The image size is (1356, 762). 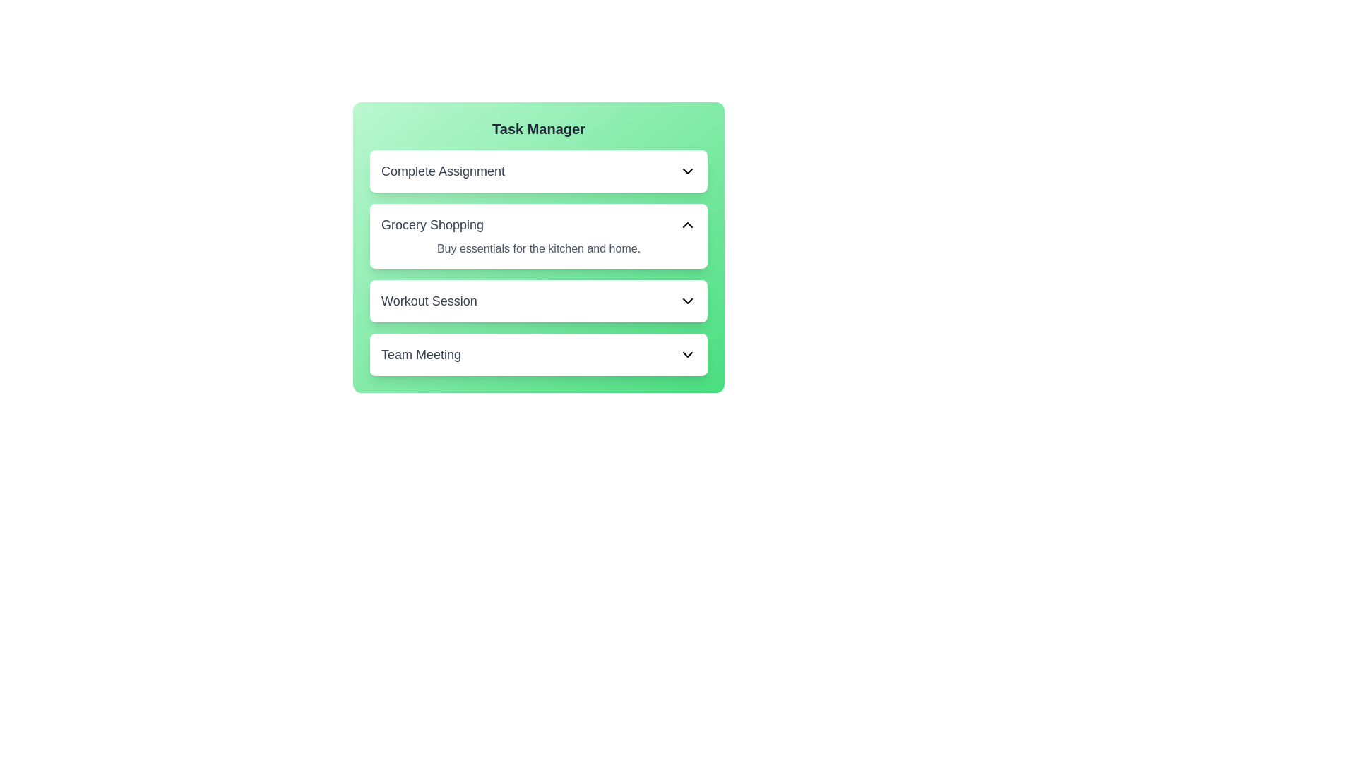 What do you see at coordinates (538, 236) in the screenshot?
I see `the task card with title Grocery Shopping` at bounding box center [538, 236].